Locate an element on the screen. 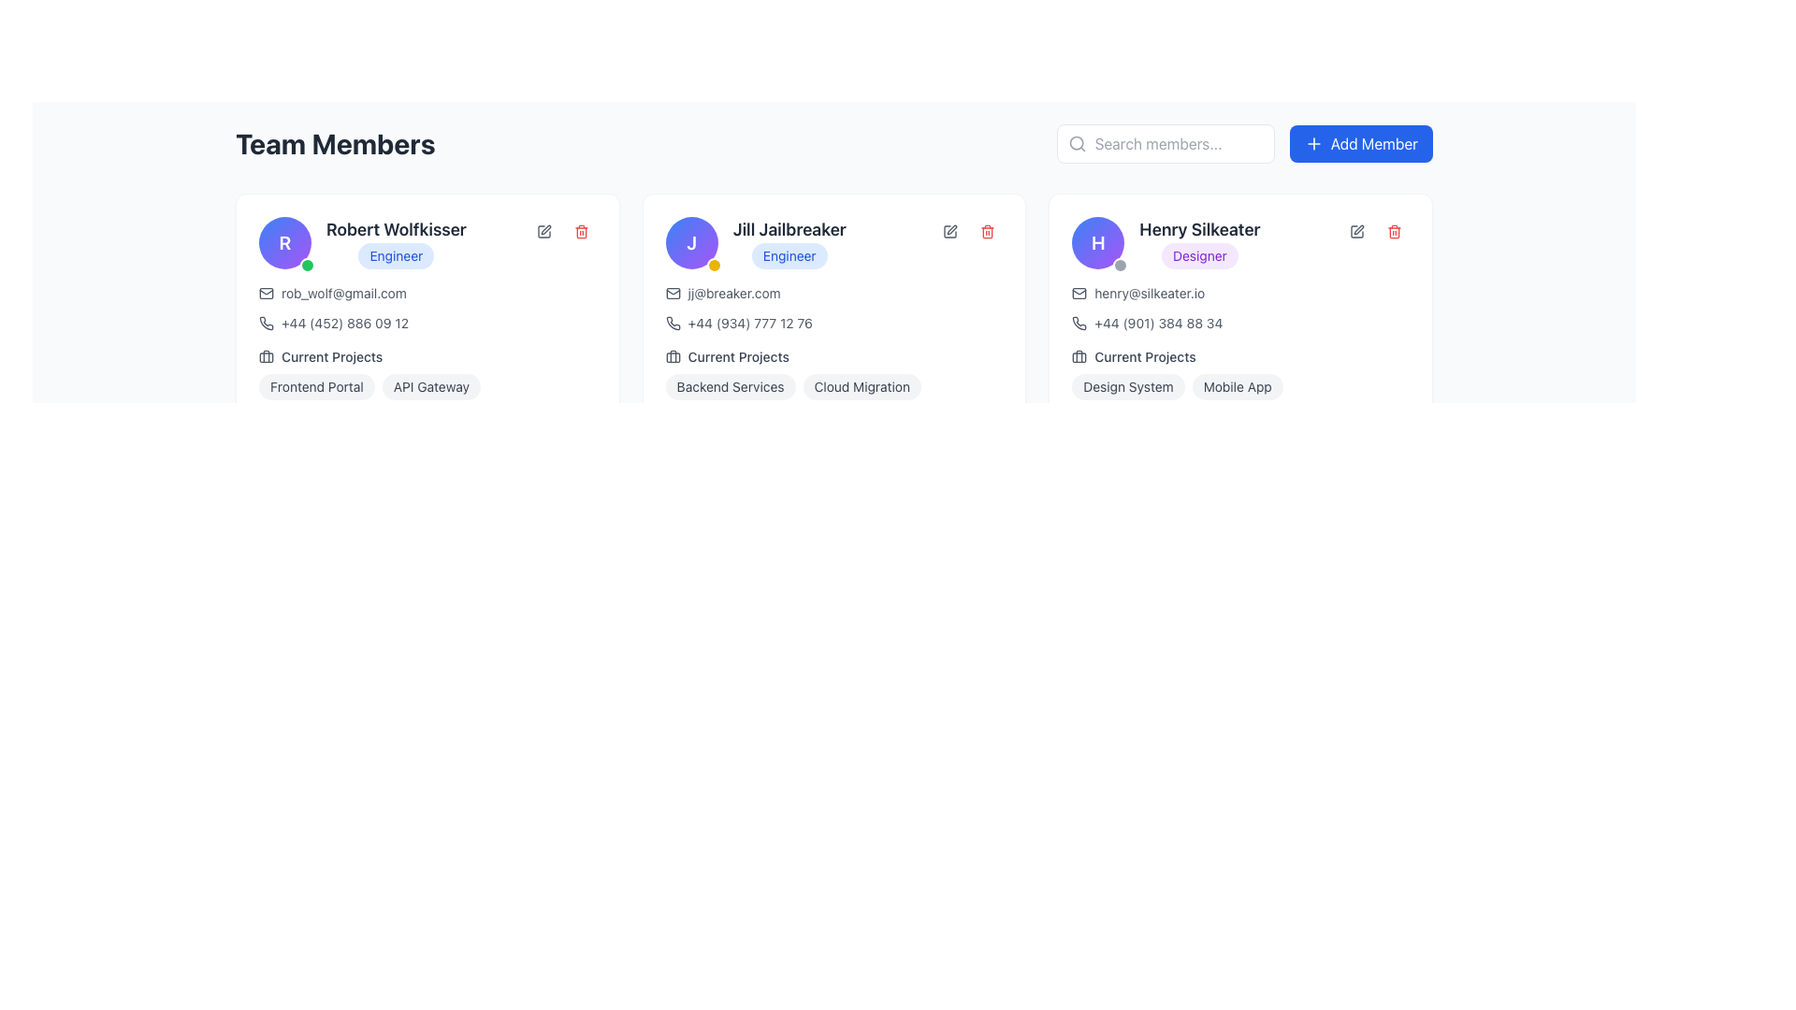 The image size is (1796, 1010). the status badge located at the bottom-right corner of the colored circle containing the letter 'J' on the card for Jill Jailbreaker is located at coordinates (713, 266).